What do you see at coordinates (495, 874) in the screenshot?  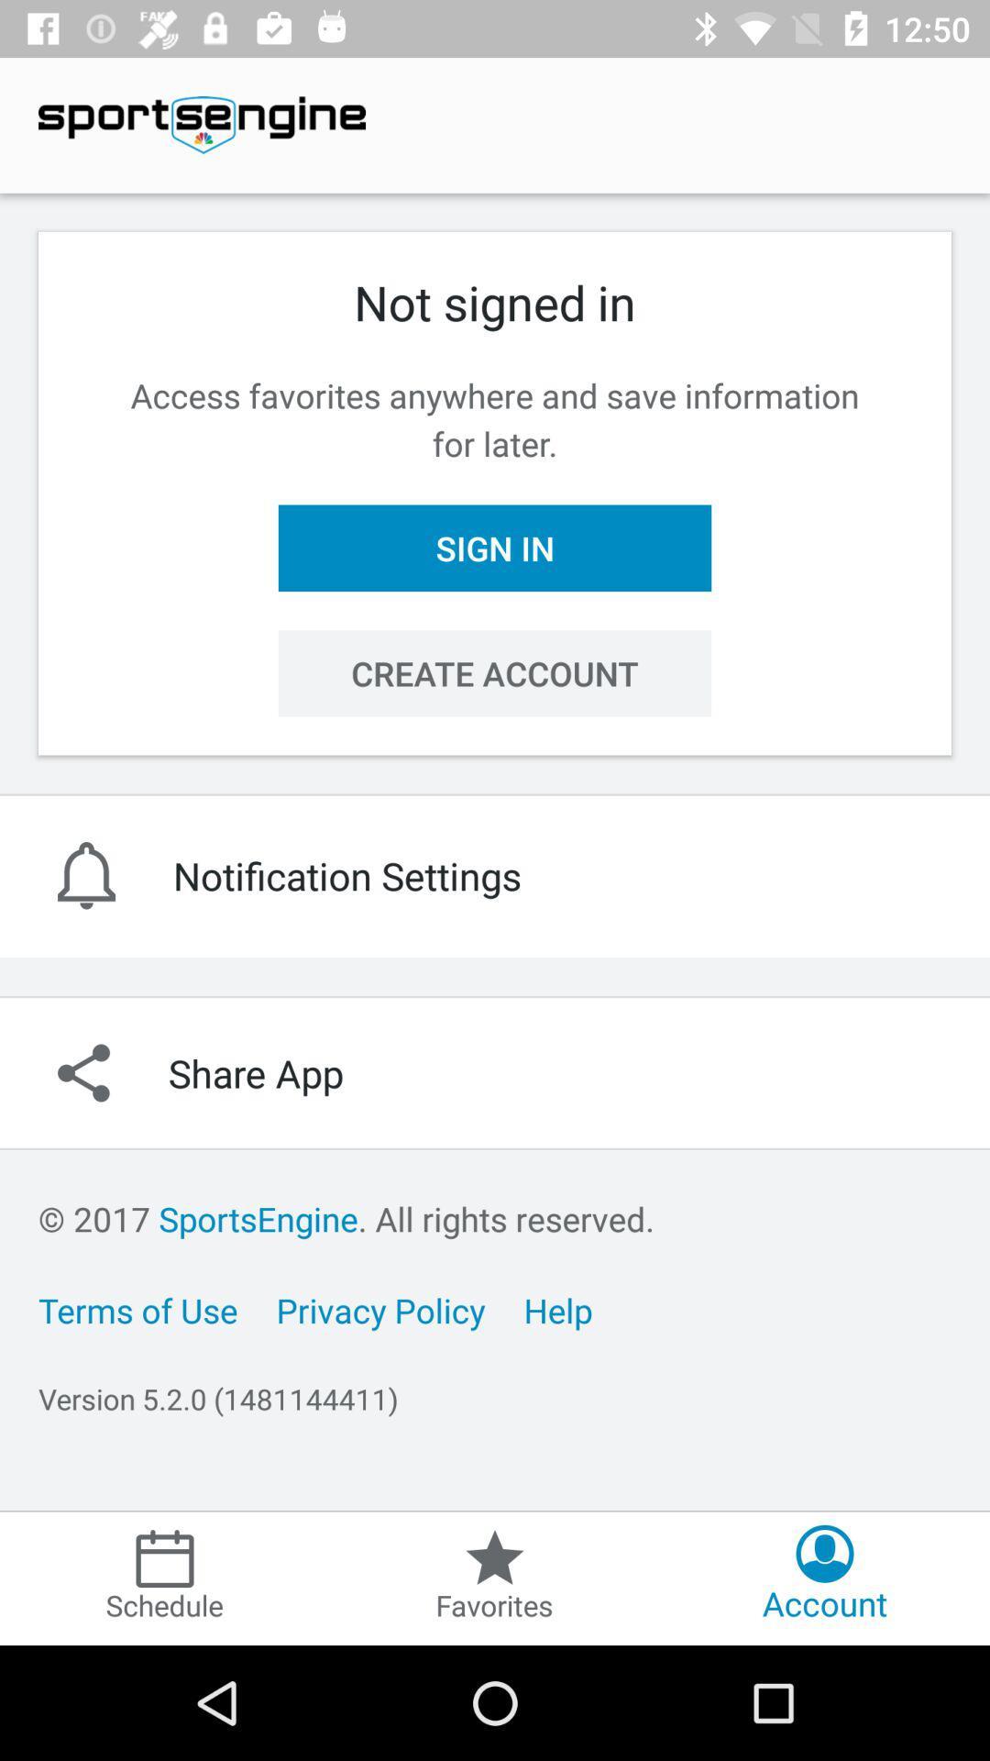 I see `the notification settings` at bounding box center [495, 874].